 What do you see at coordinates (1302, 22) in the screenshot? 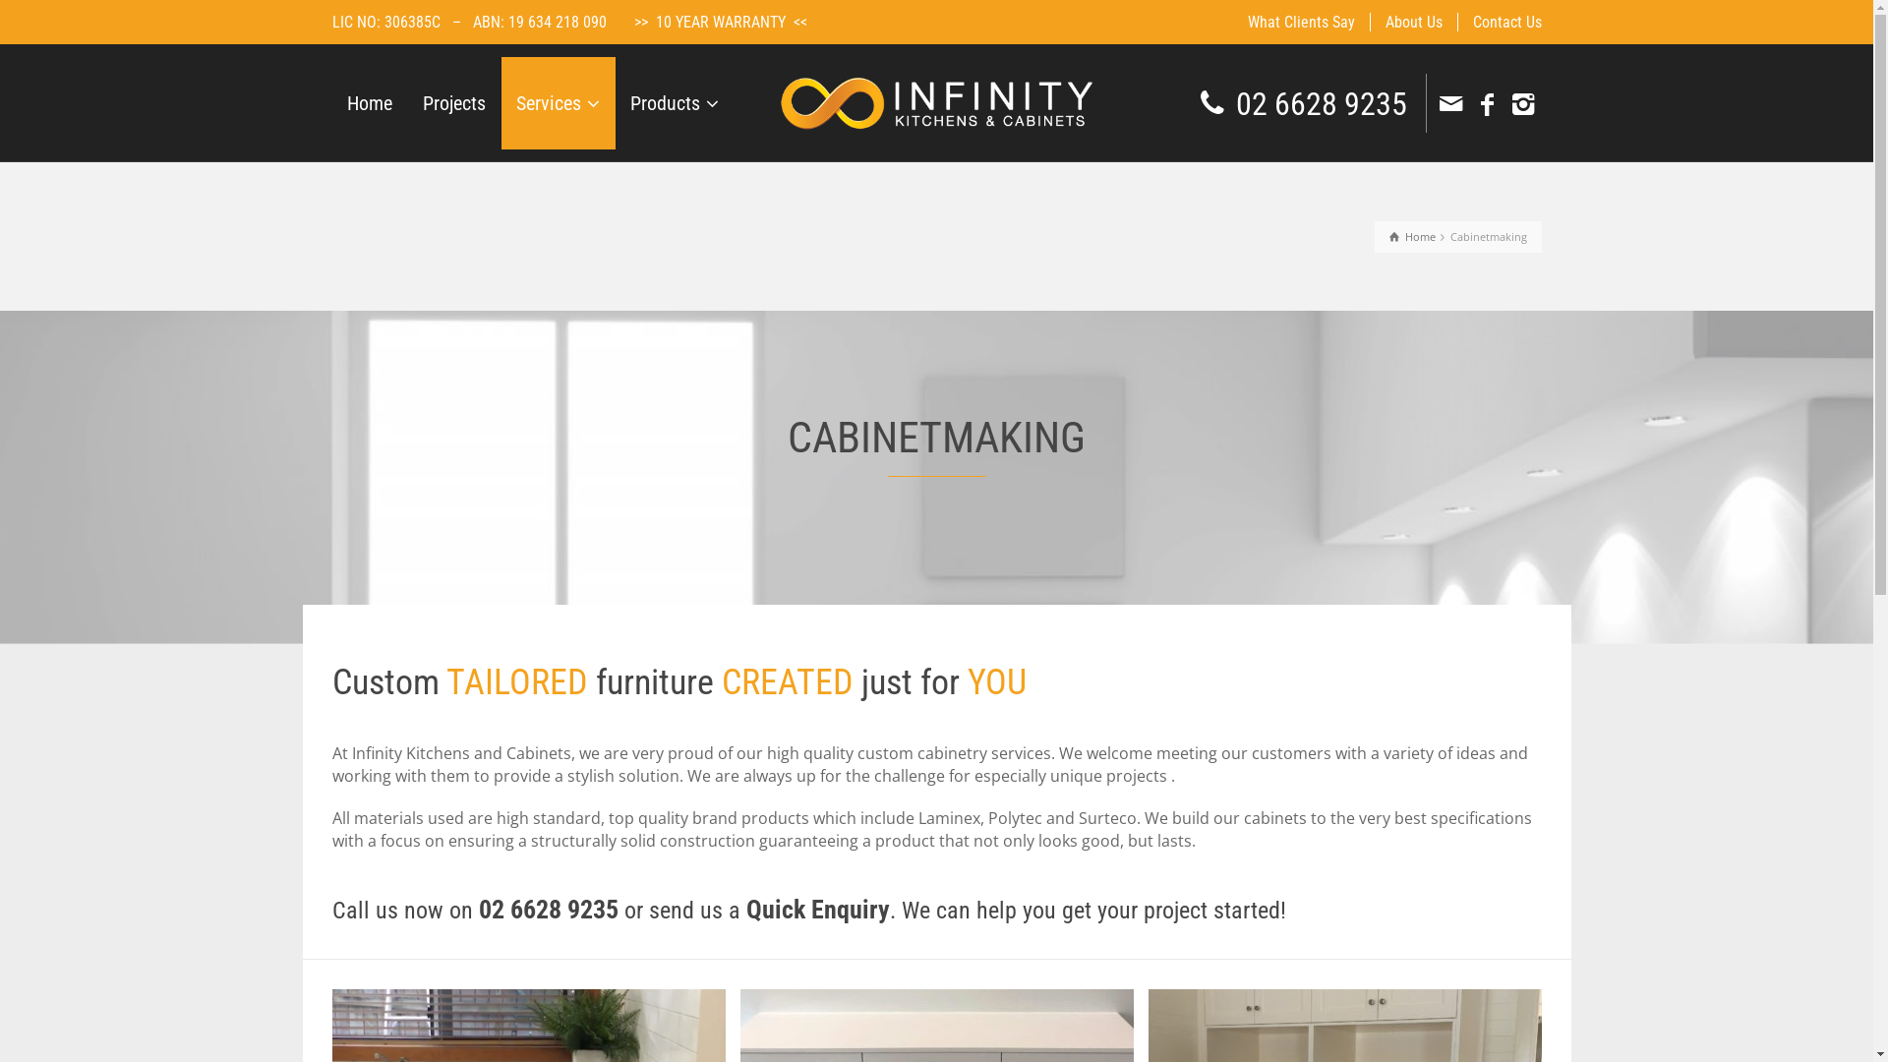
I see `'What Clients Say'` at bounding box center [1302, 22].